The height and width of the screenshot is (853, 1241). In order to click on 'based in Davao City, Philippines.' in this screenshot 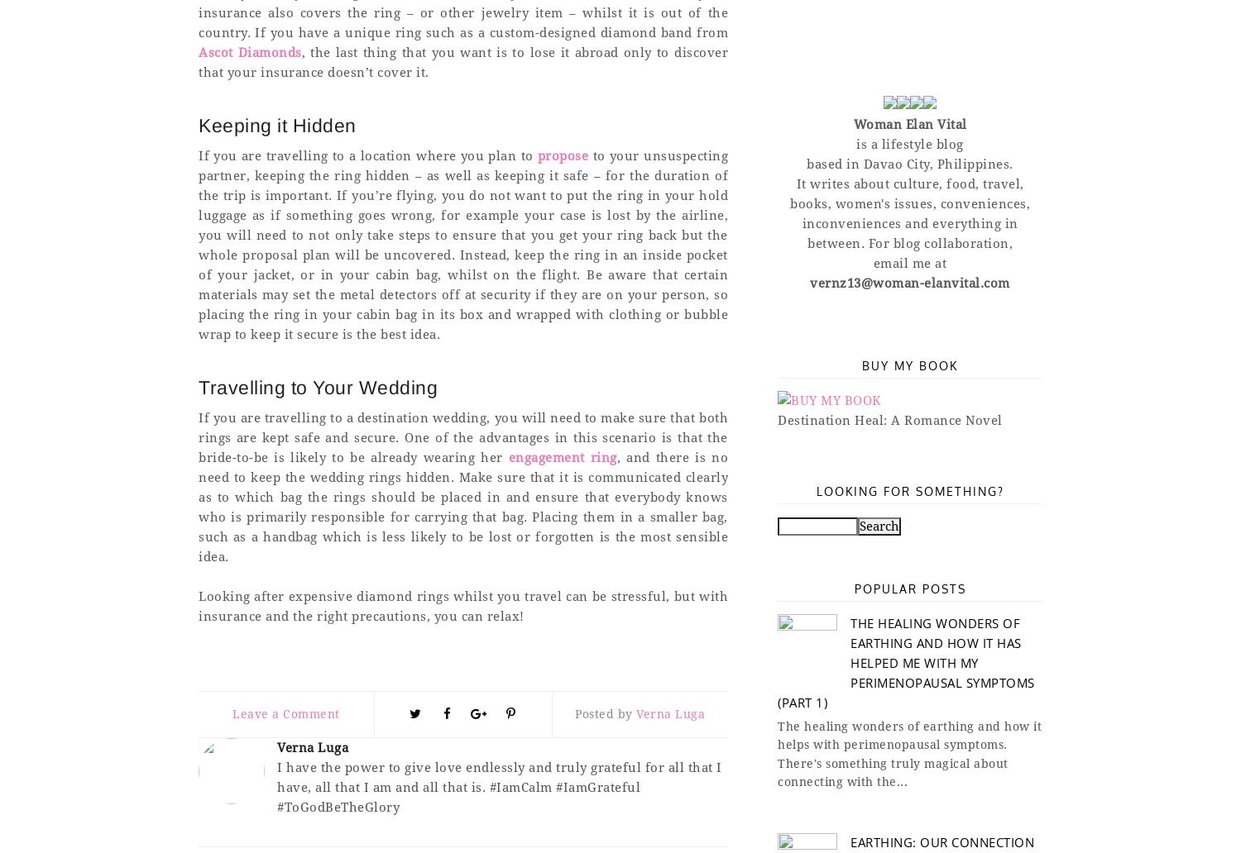, I will do `click(908, 163)`.